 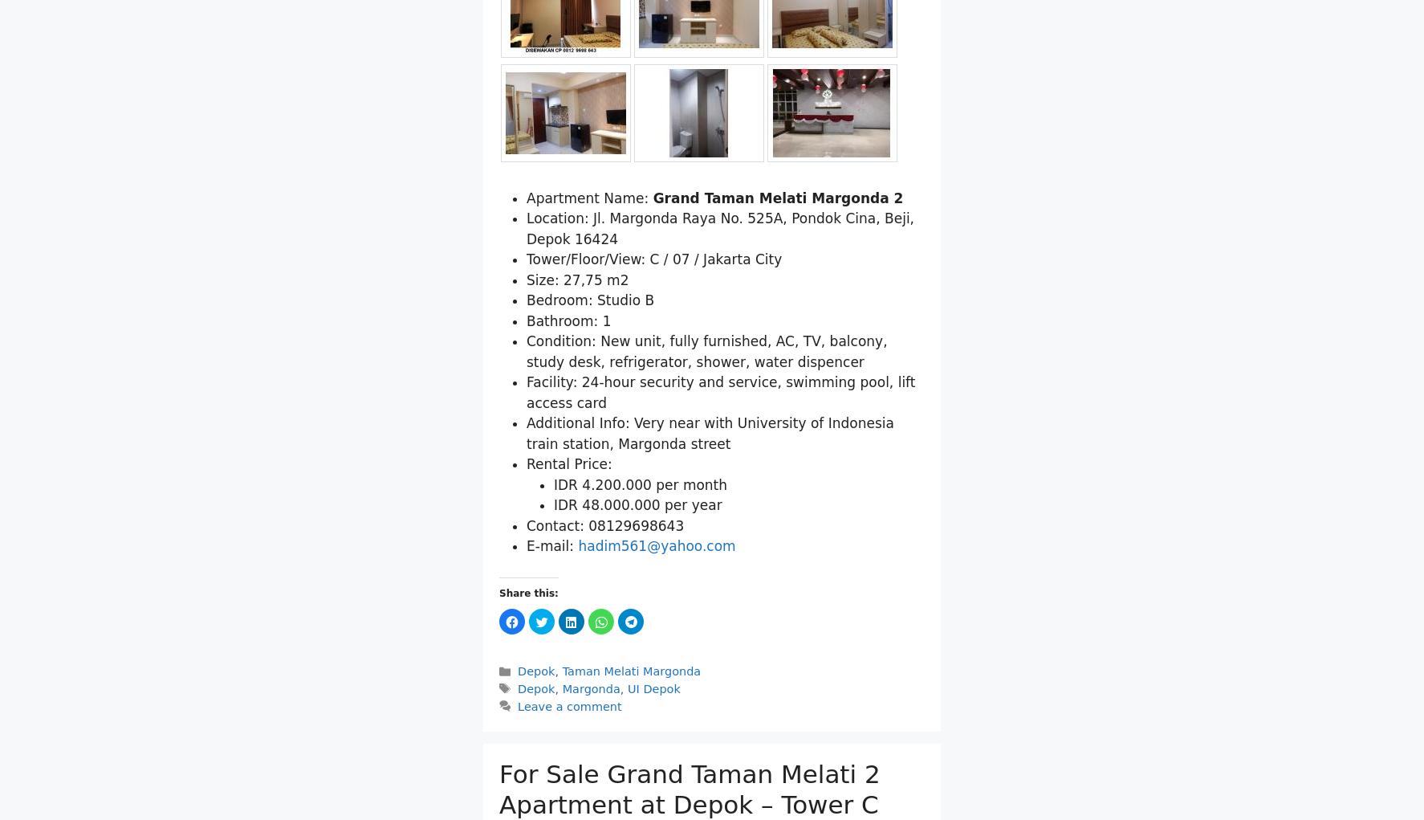 I want to click on 'Tower/Floor/View: C / 07 / Jakarta City', so click(x=653, y=259).